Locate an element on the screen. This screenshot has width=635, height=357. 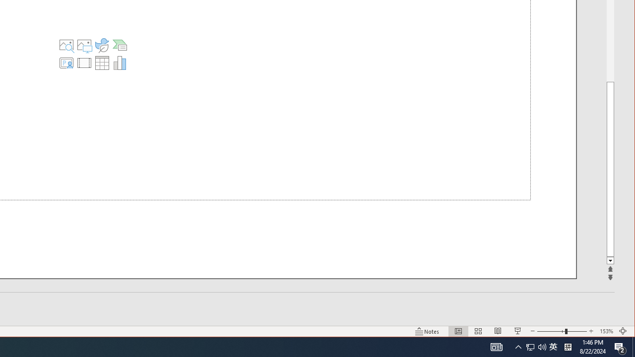
'Notification Chevron' is located at coordinates (518, 346).